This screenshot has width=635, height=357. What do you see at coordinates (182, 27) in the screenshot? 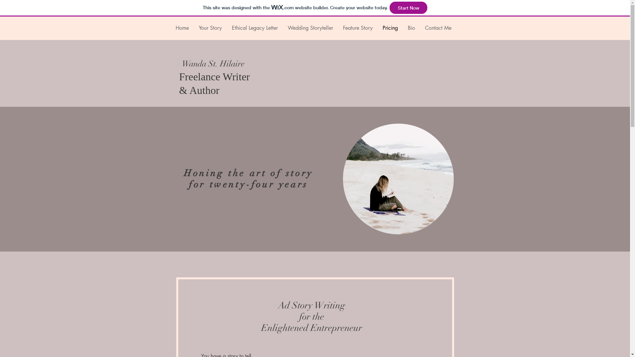
I see `'Home'` at bounding box center [182, 27].